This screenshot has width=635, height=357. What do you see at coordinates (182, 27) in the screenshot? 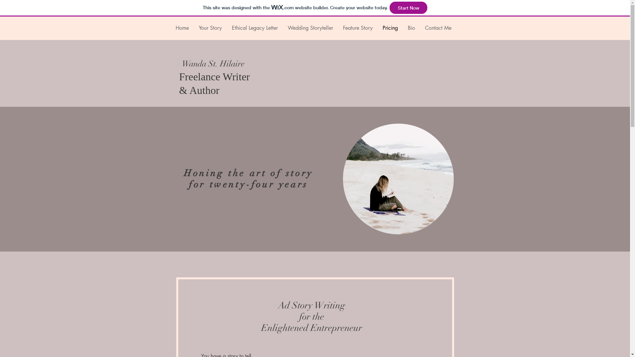
I see `'Home'` at bounding box center [182, 27].